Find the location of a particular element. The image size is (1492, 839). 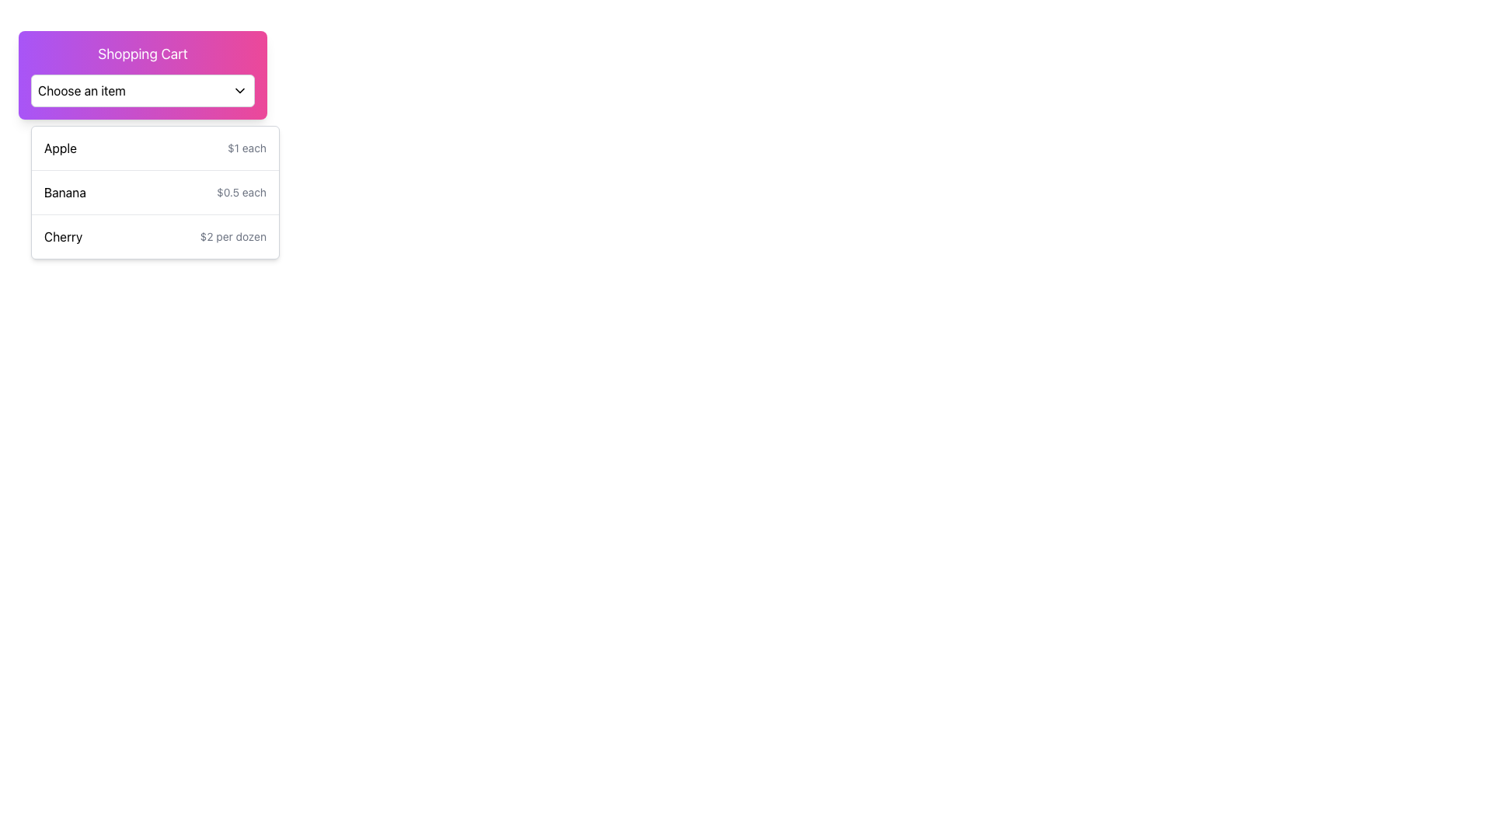

the dropdown menu labeled 'Choose an item' is located at coordinates (142, 90).